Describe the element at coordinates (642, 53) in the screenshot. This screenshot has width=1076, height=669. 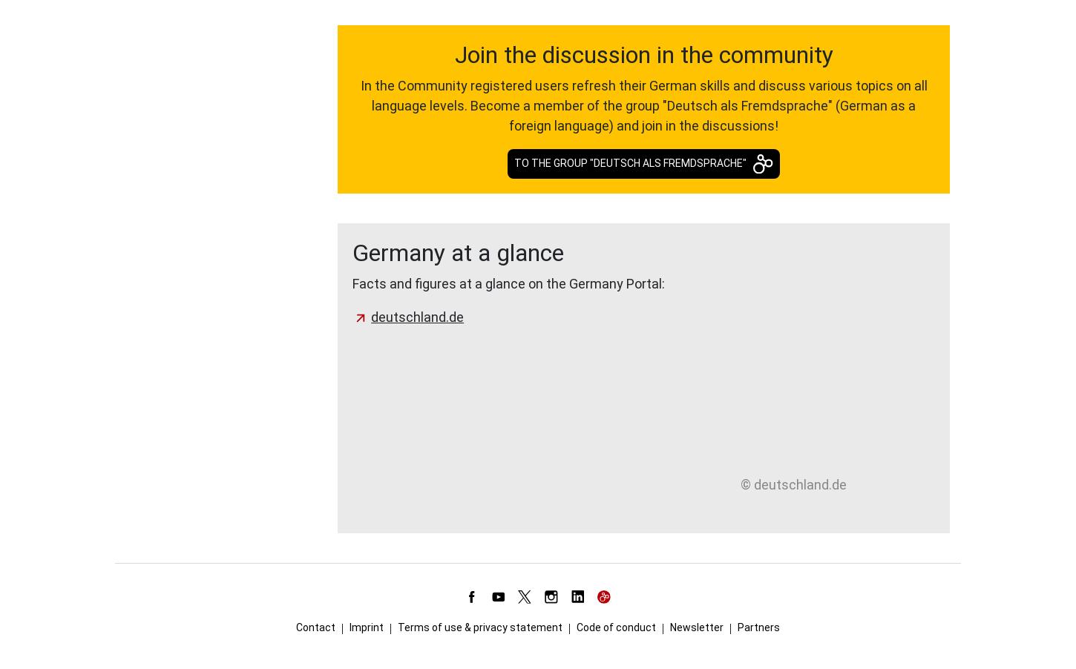
I see `'Join the discussion in the community'` at that location.